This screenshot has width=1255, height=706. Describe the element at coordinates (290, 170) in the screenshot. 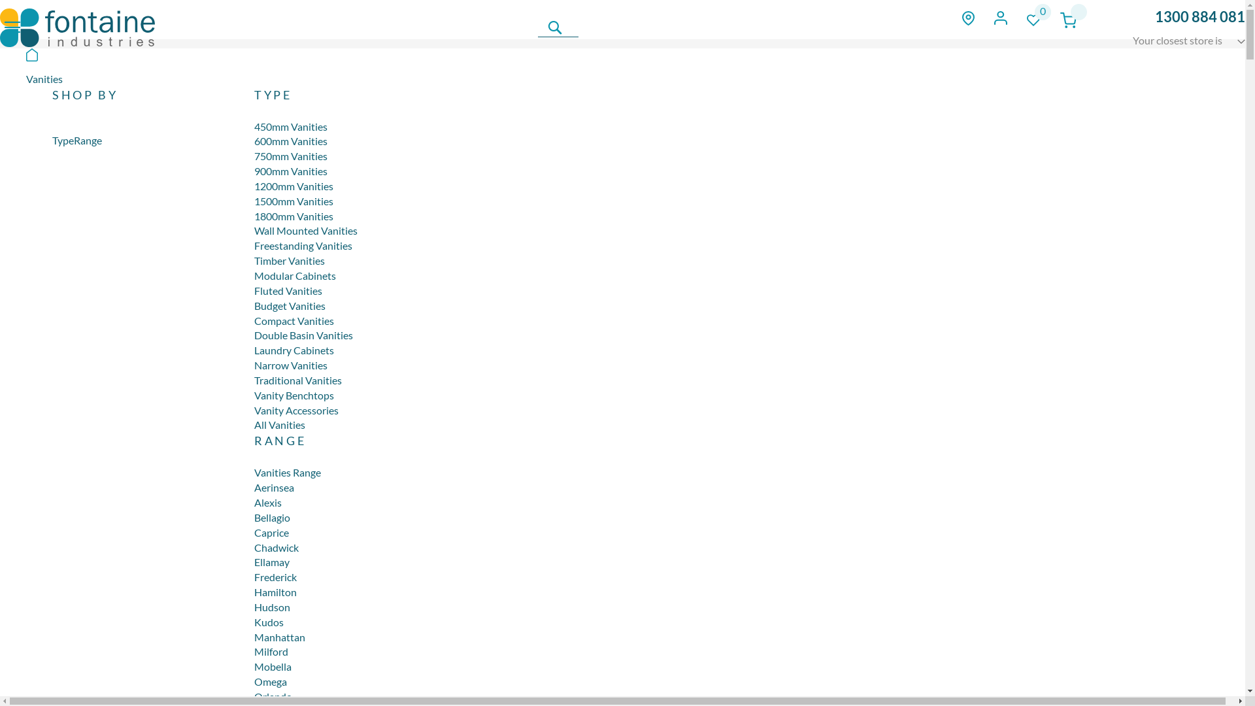

I see `'900mm Vanities'` at that location.